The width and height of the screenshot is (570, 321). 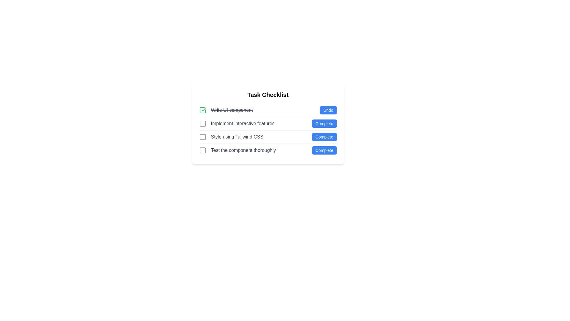 I want to click on the checkbox next to the label 'Style using Tailwind CSS', so click(x=202, y=137).